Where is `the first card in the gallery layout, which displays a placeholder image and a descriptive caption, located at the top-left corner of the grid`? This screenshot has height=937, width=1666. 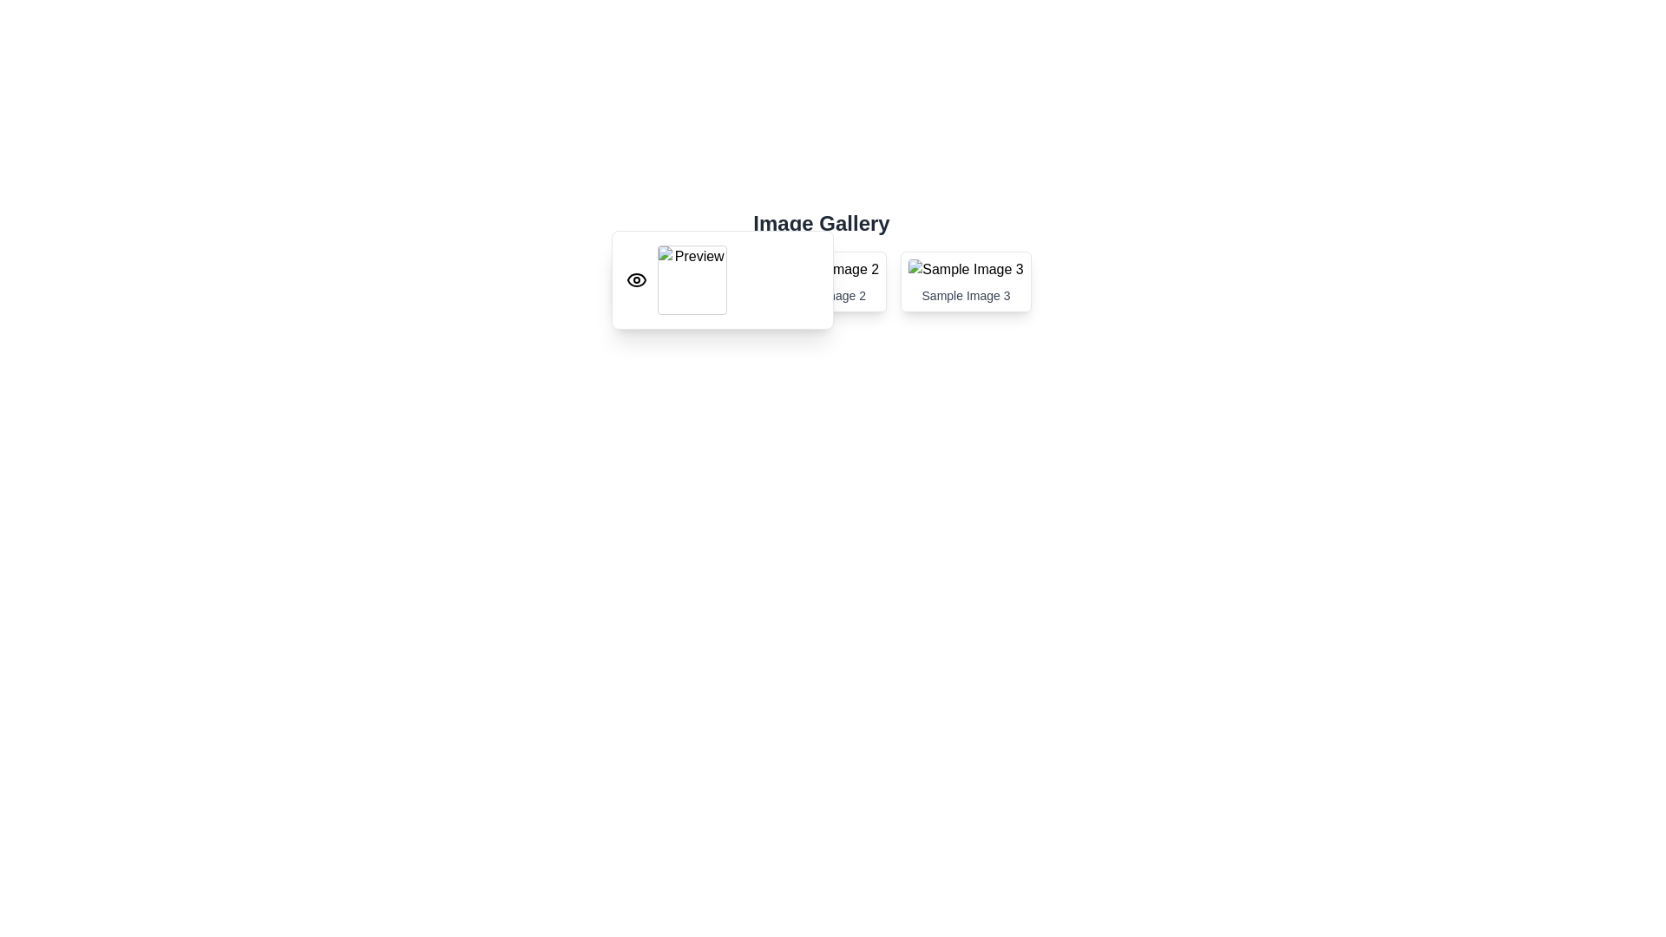
the first card in the gallery layout, which displays a placeholder image and a descriptive caption, located at the top-left corner of the grid is located at coordinates (676, 280).